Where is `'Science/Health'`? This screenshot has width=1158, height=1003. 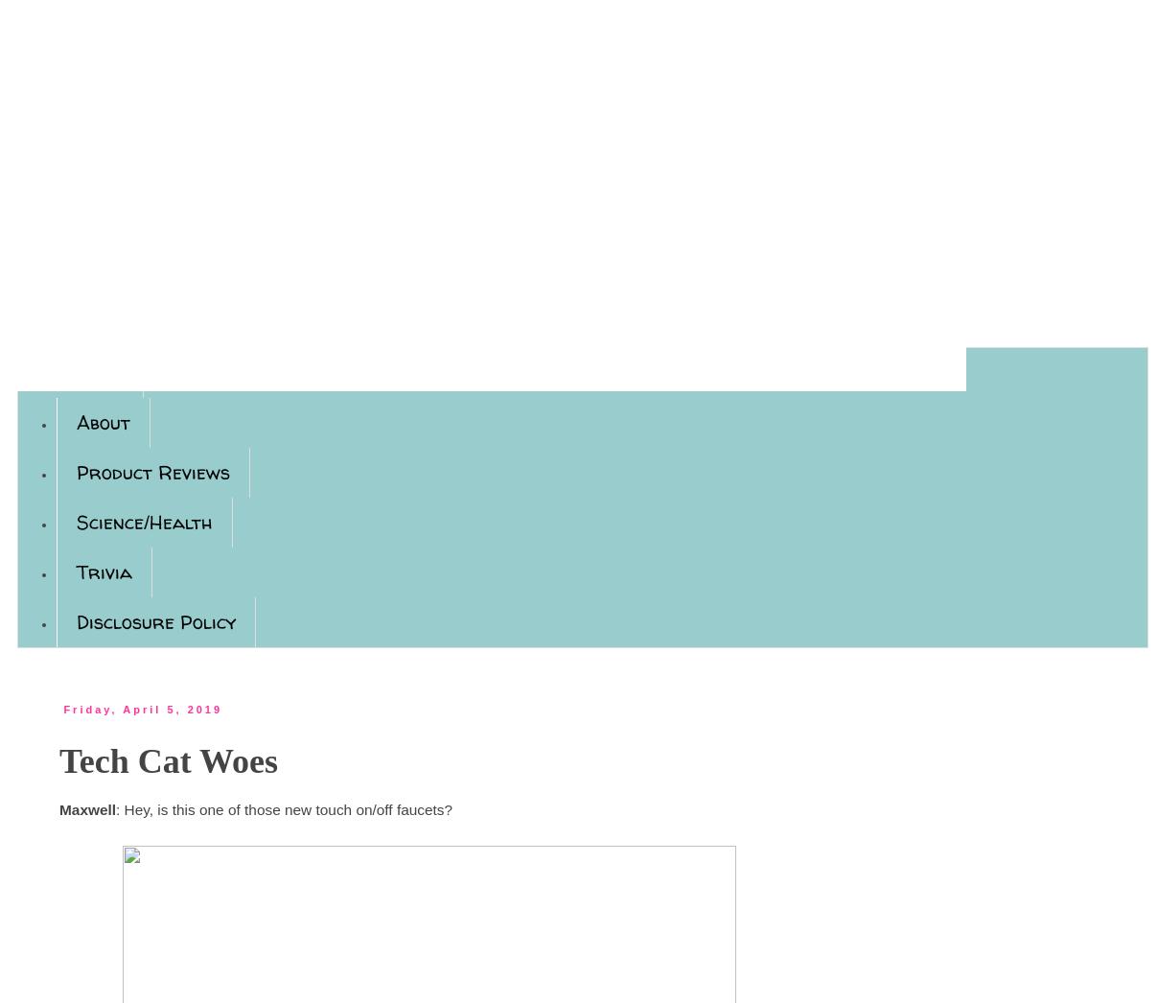 'Science/Health' is located at coordinates (144, 521).